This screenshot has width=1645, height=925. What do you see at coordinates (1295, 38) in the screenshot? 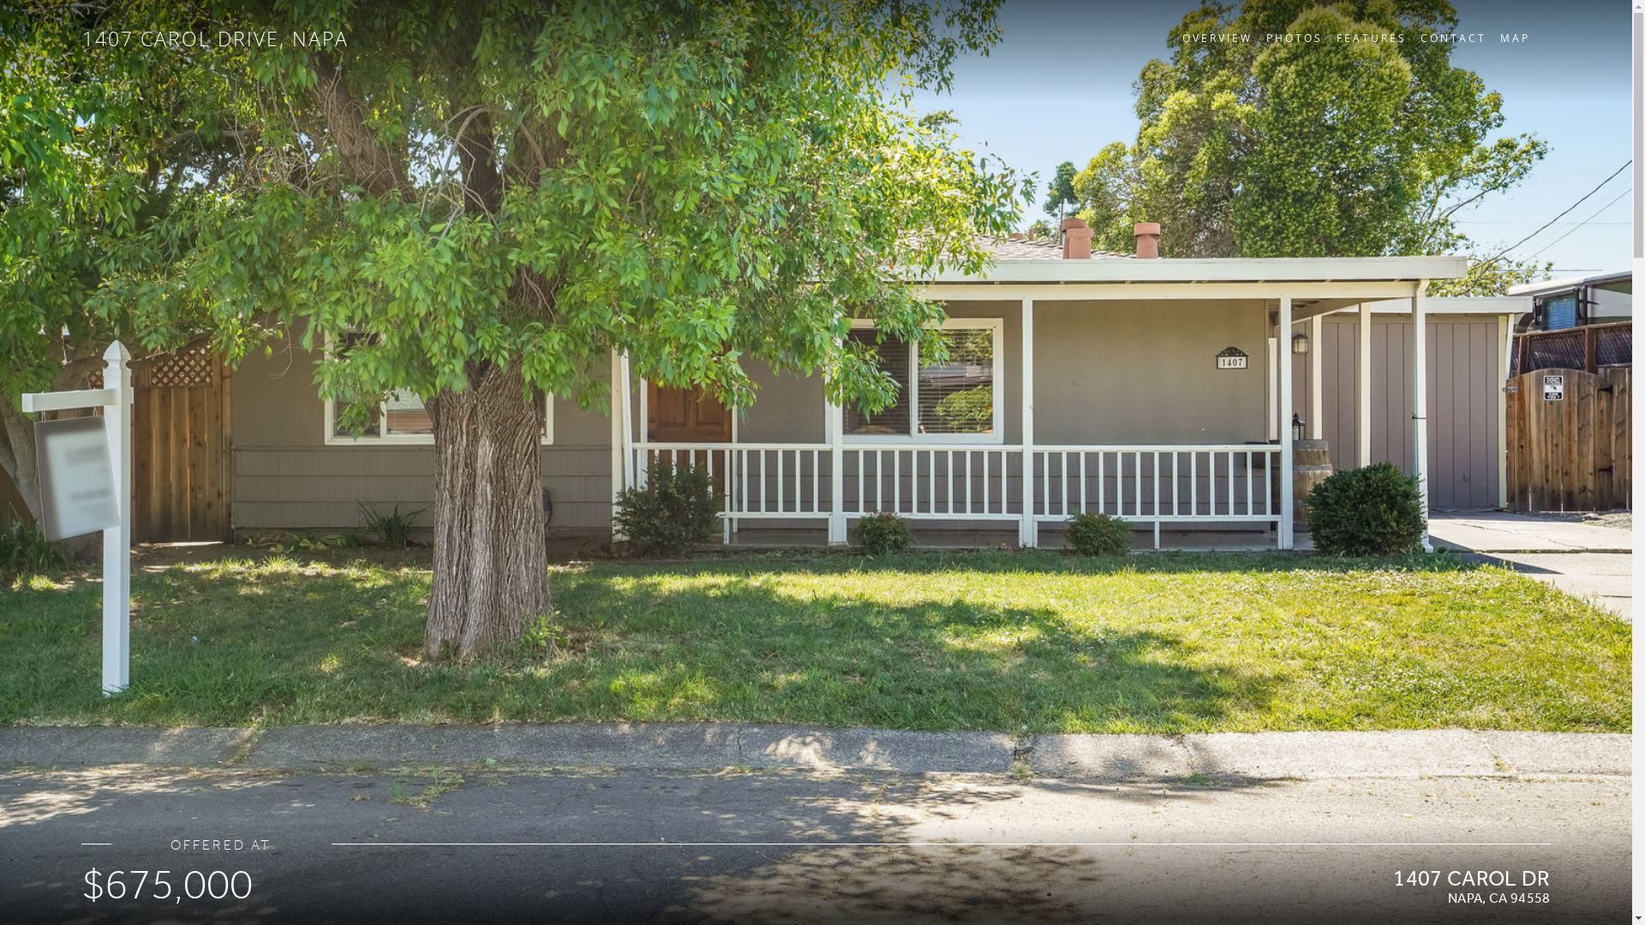
I see `'PHOTOS'` at bounding box center [1295, 38].